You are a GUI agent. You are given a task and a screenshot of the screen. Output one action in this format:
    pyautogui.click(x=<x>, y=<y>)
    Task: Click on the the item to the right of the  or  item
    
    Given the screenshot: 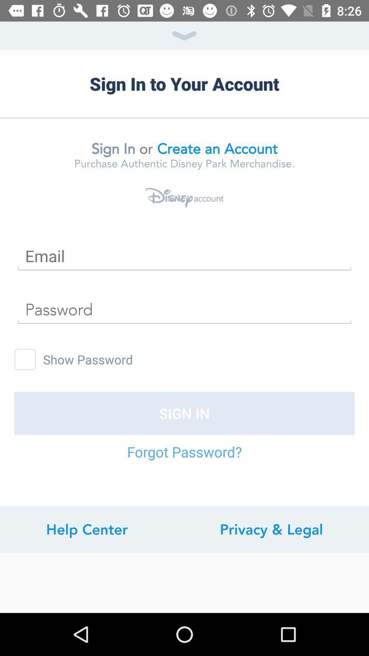 What is the action you would take?
    pyautogui.click(x=217, y=148)
    